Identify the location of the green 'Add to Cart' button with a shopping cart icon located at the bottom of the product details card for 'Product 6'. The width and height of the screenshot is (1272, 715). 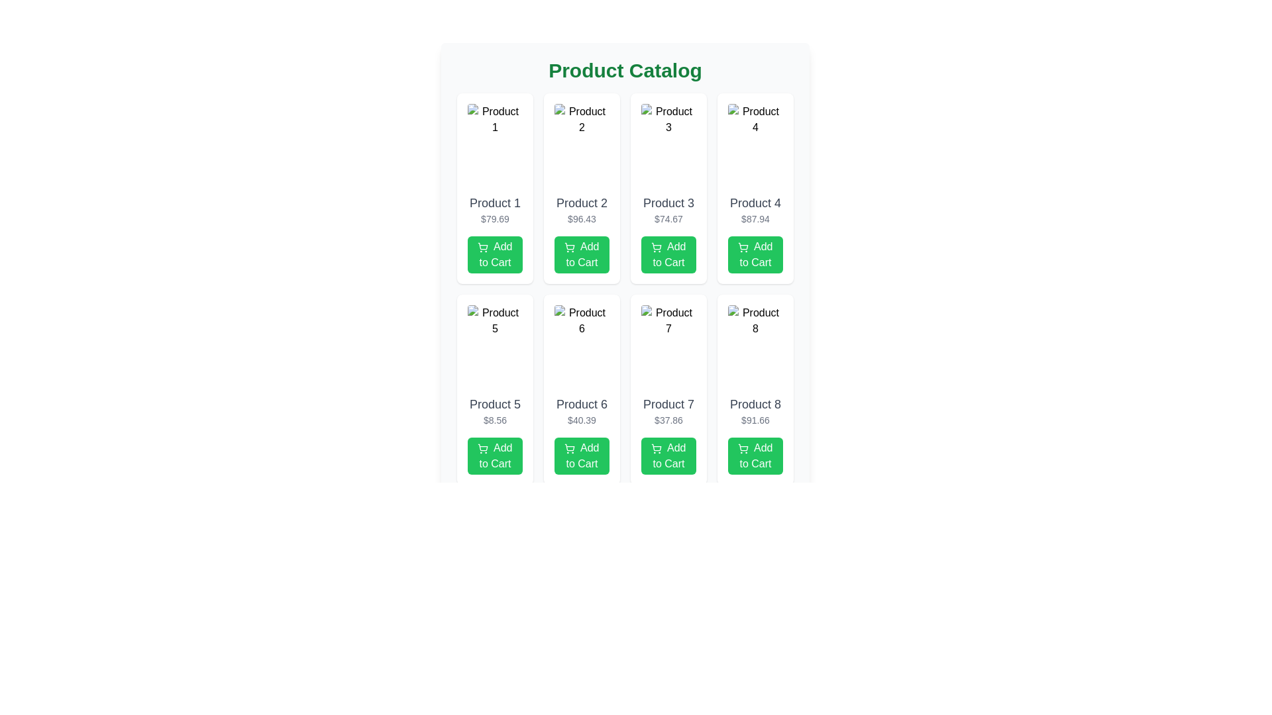
(582, 455).